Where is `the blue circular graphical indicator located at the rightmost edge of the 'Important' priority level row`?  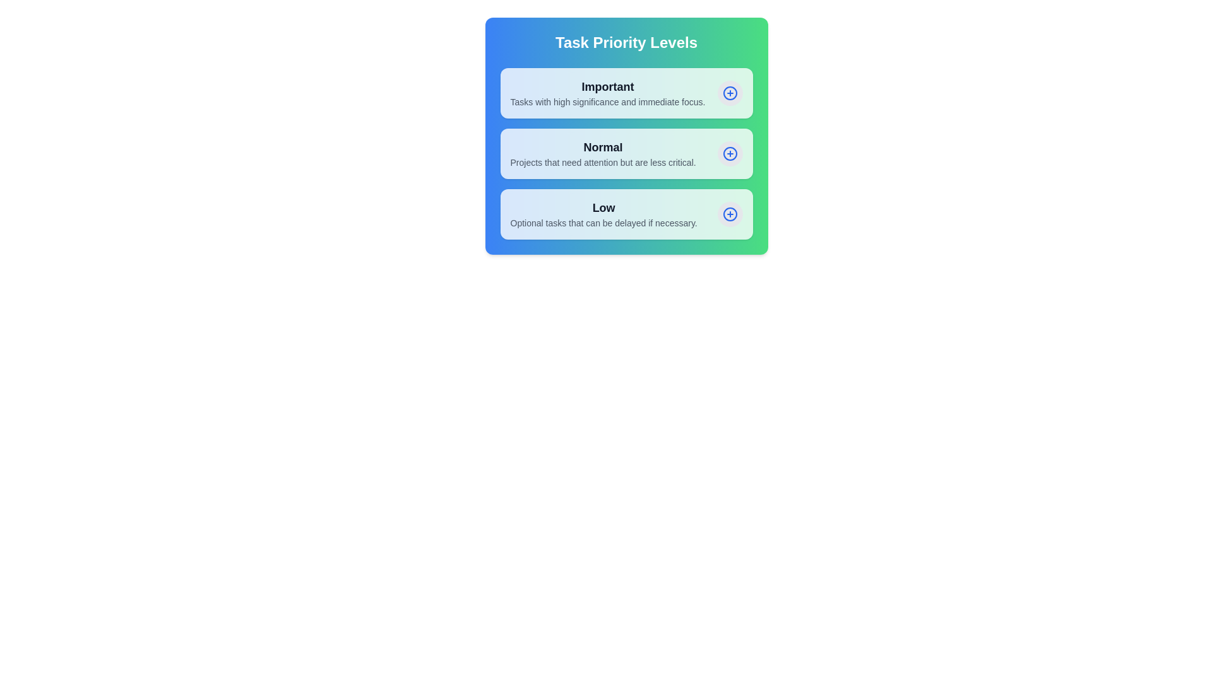 the blue circular graphical indicator located at the rightmost edge of the 'Important' priority level row is located at coordinates (730, 92).